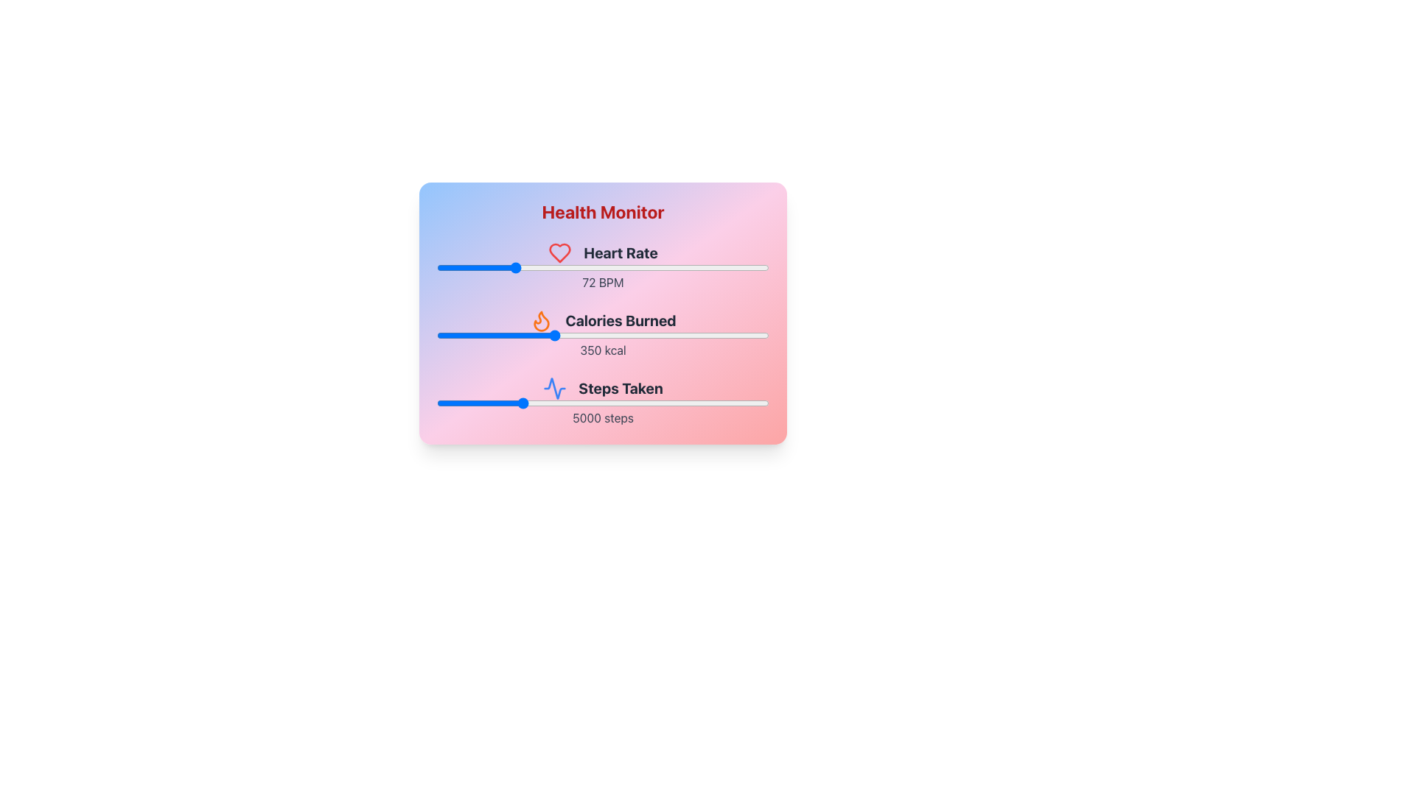 The image size is (1415, 795). Describe the element at coordinates (603, 350) in the screenshot. I see `the 'Calories Burned' text label that displays the numerical value and unit of calories burned, located below the progress bar and flame icon` at that location.